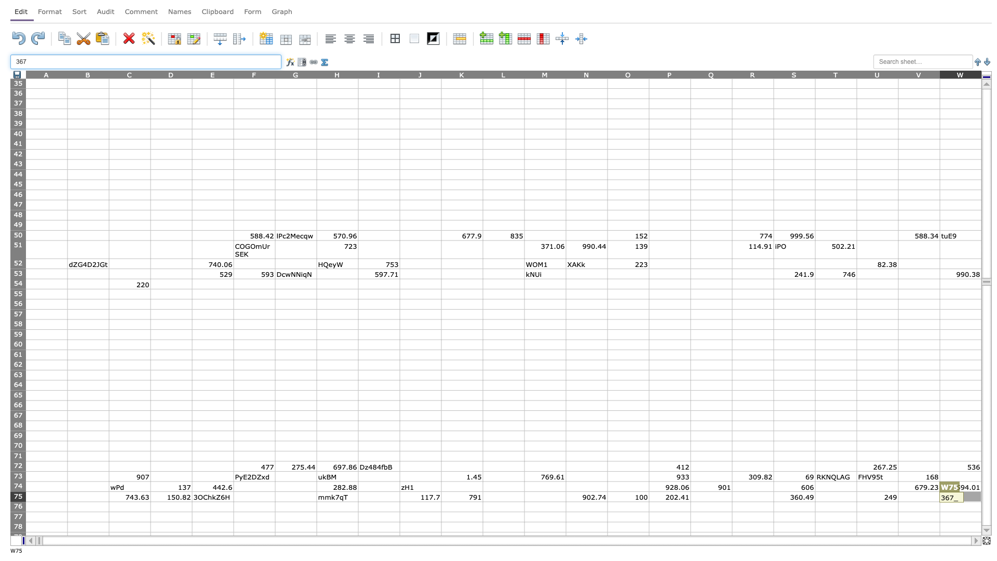 This screenshot has height=561, width=997. What do you see at coordinates (109, 501) in the screenshot?
I see `top left at column C row 76` at bounding box center [109, 501].